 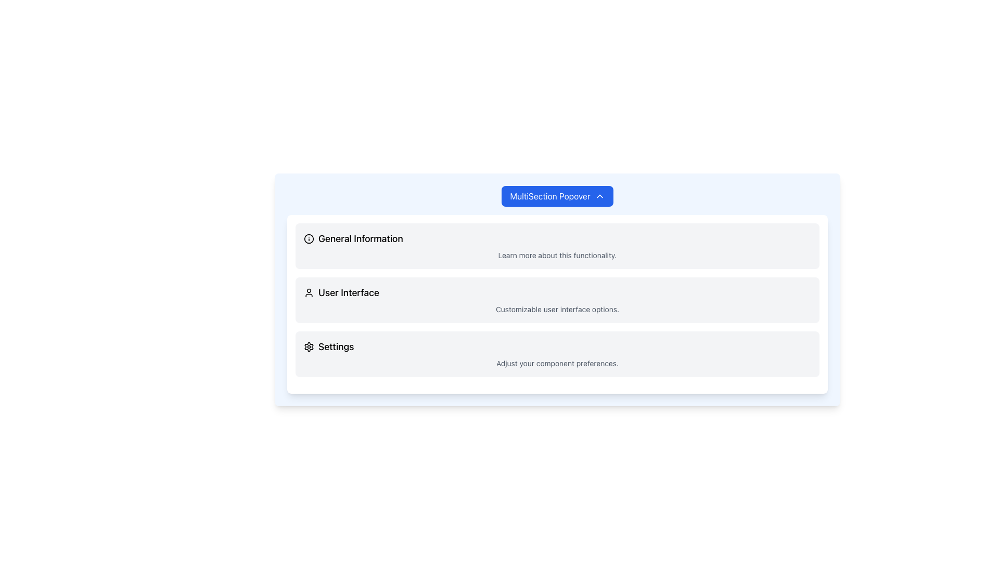 What do you see at coordinates (557, 309) in the screenshot?
I see `the text label displaying 'Customizable user interface options.' which is styled with a small font and gray color, located below the header 'User Interface.'` at bounding box center [557, 309].